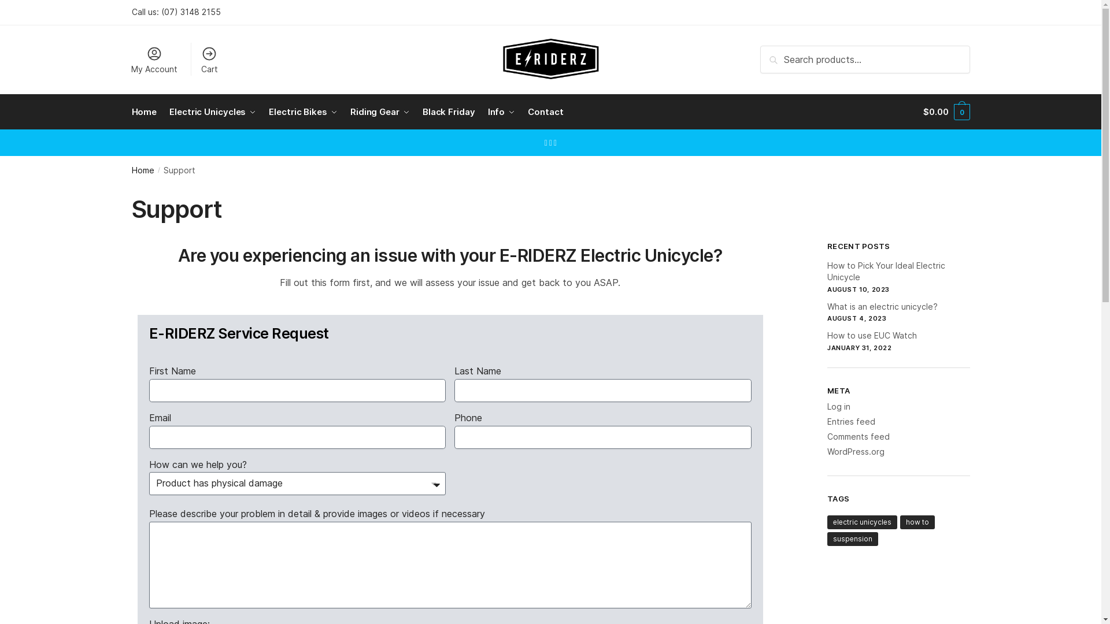  Describe the element at coordinates (146, 112) in the screenshot. I see `'Home'` at that location.